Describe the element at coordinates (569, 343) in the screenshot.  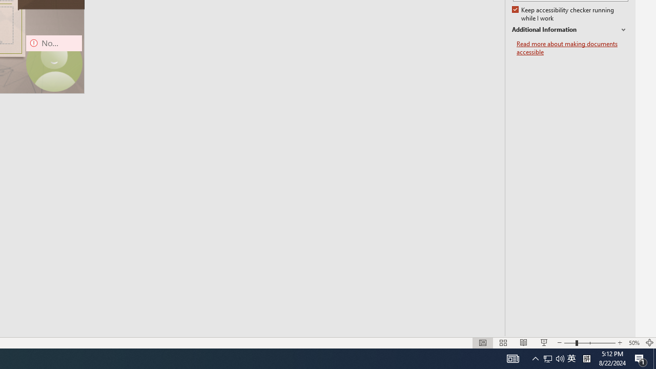
I see `'Zoom Out'` at that location.